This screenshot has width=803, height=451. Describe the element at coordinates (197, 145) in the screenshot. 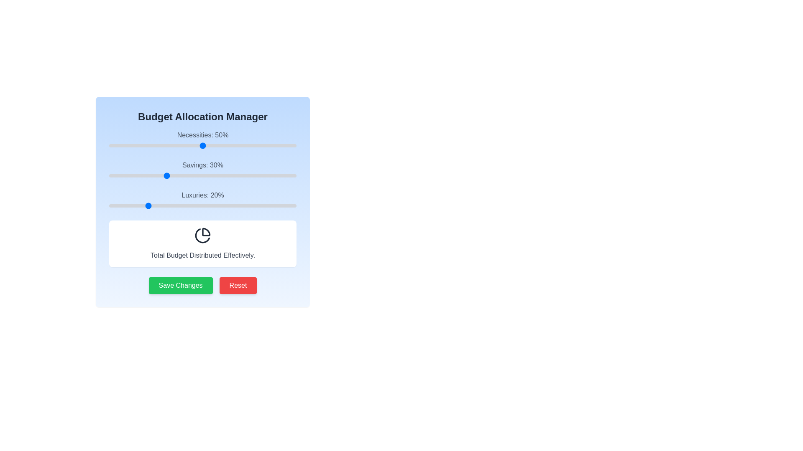

I see `the 'Necessities' slider` at that location.